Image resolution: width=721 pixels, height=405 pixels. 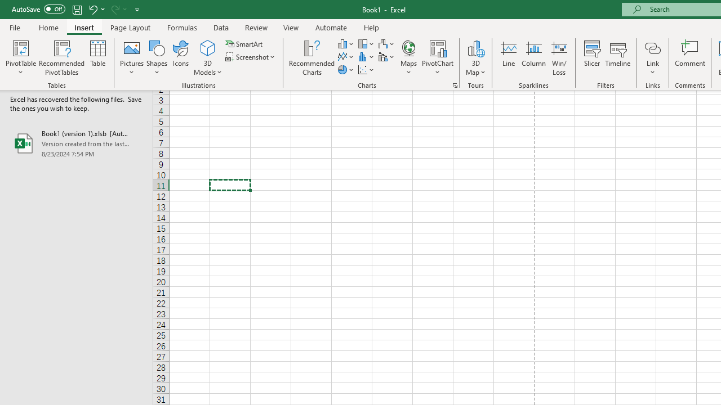 What do you see at coordinates (221, 27) in the screenshot?
I see `'Data'` at bounding box center [221, 27].